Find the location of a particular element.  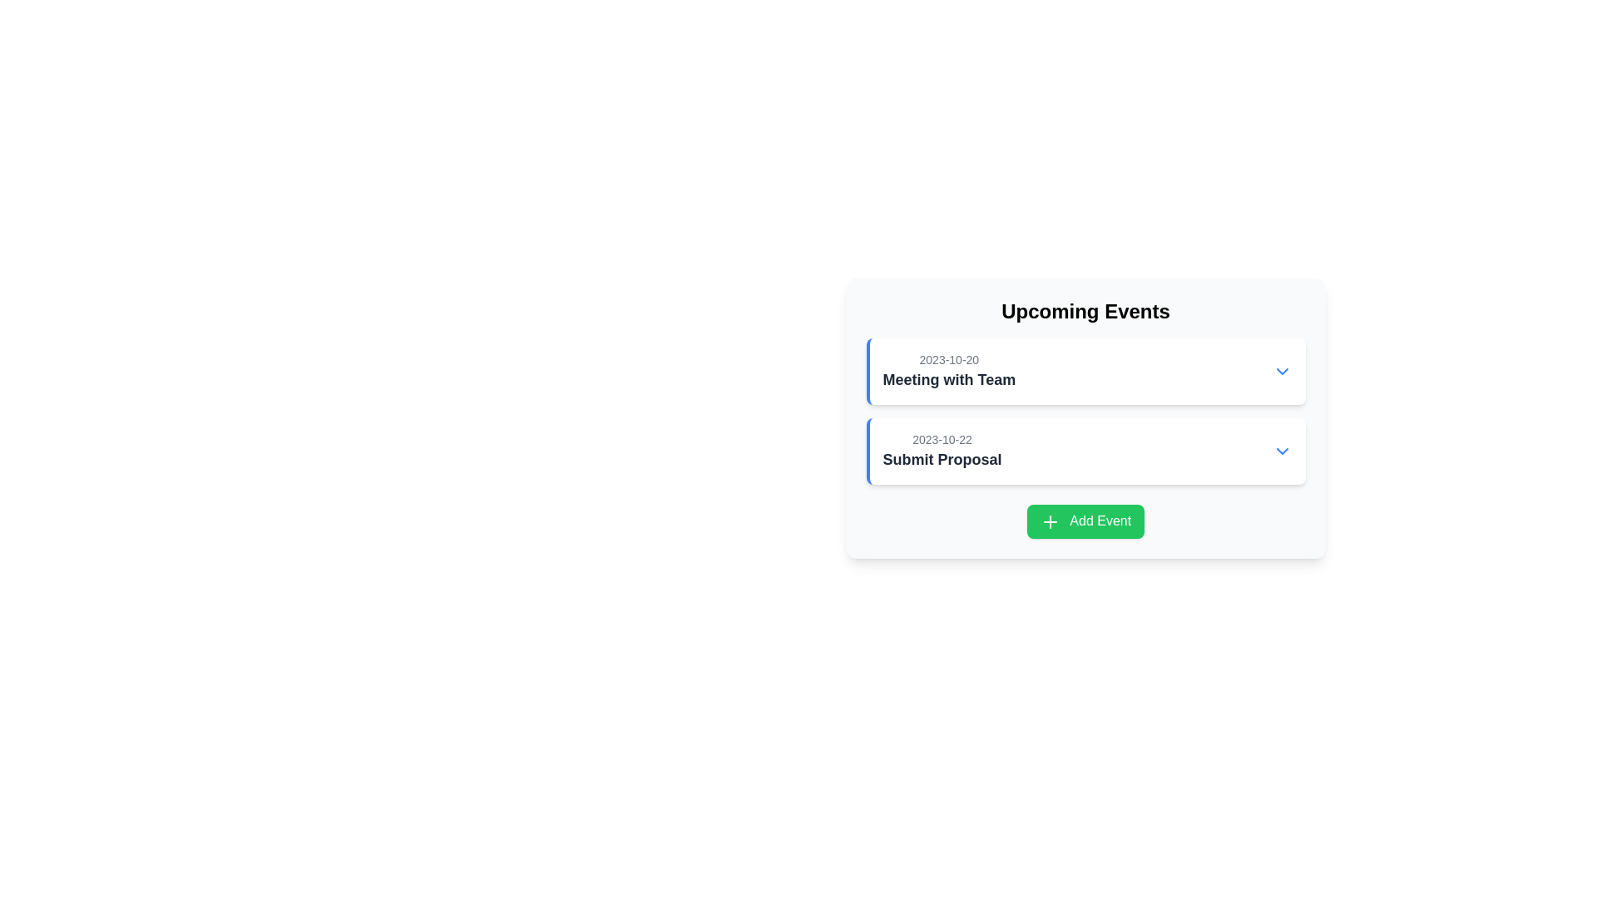

the text label that serves as the heading for the card, titled 'Submit Proposal', which is positioned below the date '2023-10-22' in the 'Upcoming Events' section is located at coordinates (942, 459).